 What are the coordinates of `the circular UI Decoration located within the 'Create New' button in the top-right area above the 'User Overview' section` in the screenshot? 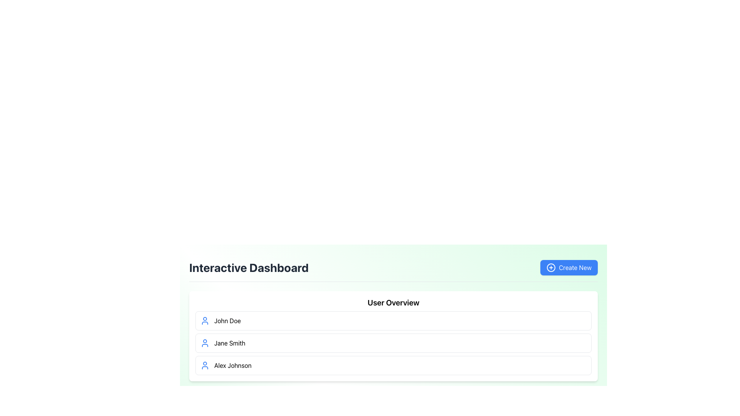 It's located at (551, 267).